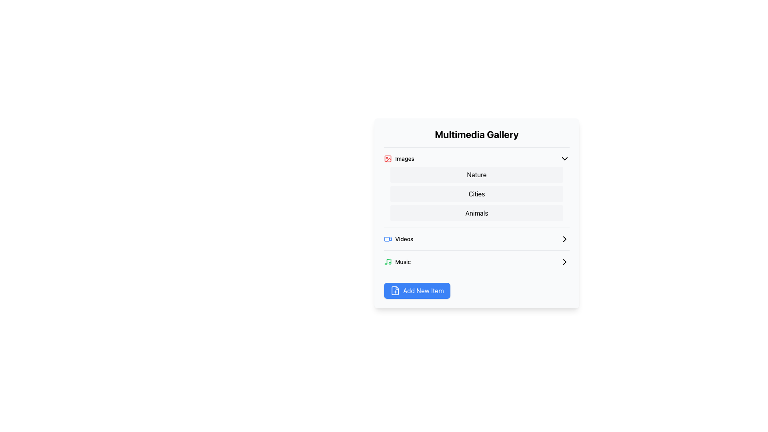  What do you see at coordinates (564, 262) in the screenshot?
I see `the rightward-facing arrow icon located at the far right of the 'Music' row` at bounding box center [564, 262].